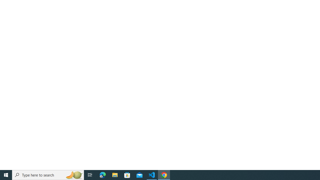 This screenshot has width=320, height=180. Describe the element at coordinates (127, 174) in the screenshot. I see `'Microsoft Store'` at that location.